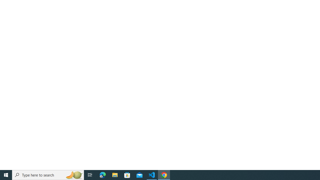 This screenshot has width=320, height=180. Describe the element at coordinates (127, 174) in the screenshot. I see `'Microsoft Store'` at that location.